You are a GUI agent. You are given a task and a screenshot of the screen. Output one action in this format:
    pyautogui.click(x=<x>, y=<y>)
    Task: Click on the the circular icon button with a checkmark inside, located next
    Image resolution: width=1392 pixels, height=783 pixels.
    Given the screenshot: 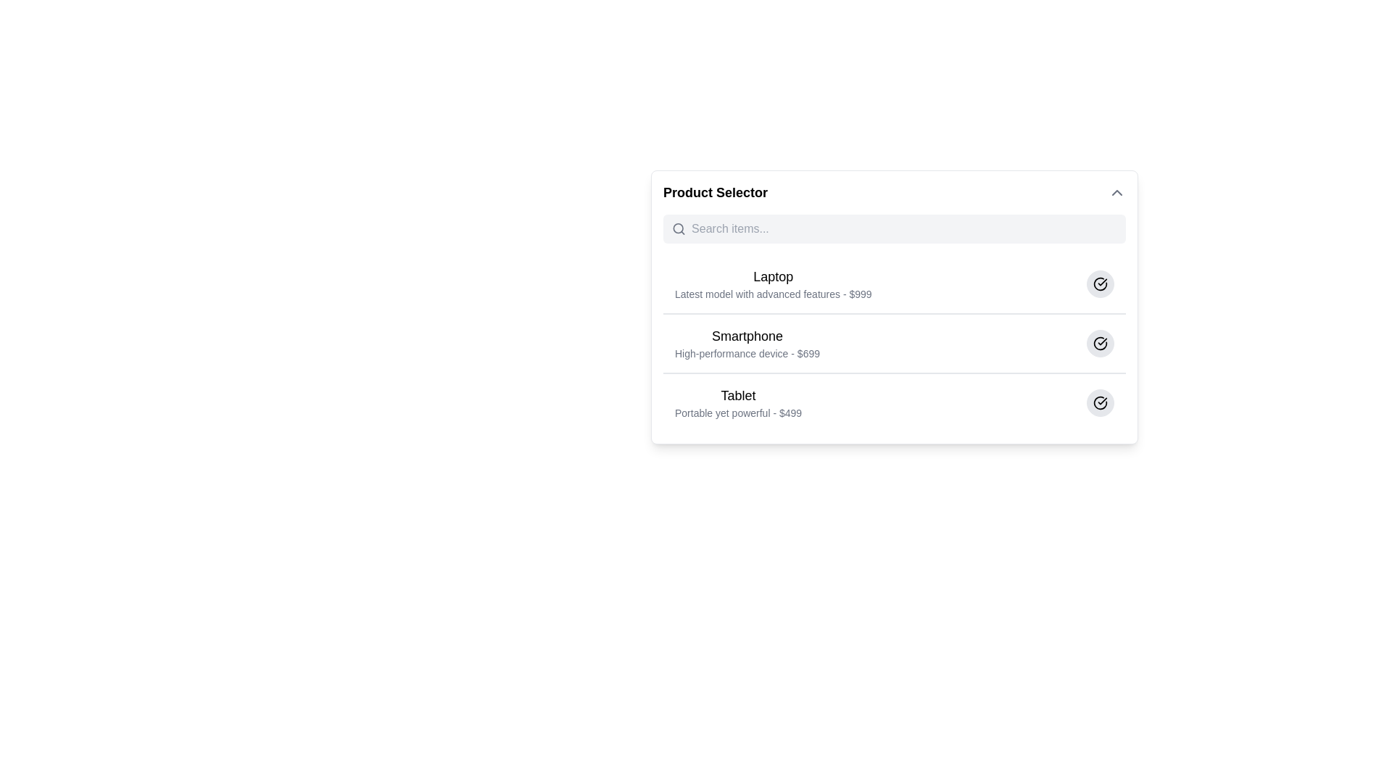 What is the action you would take?
    pyautogui.click(x=1100, y=344)
    